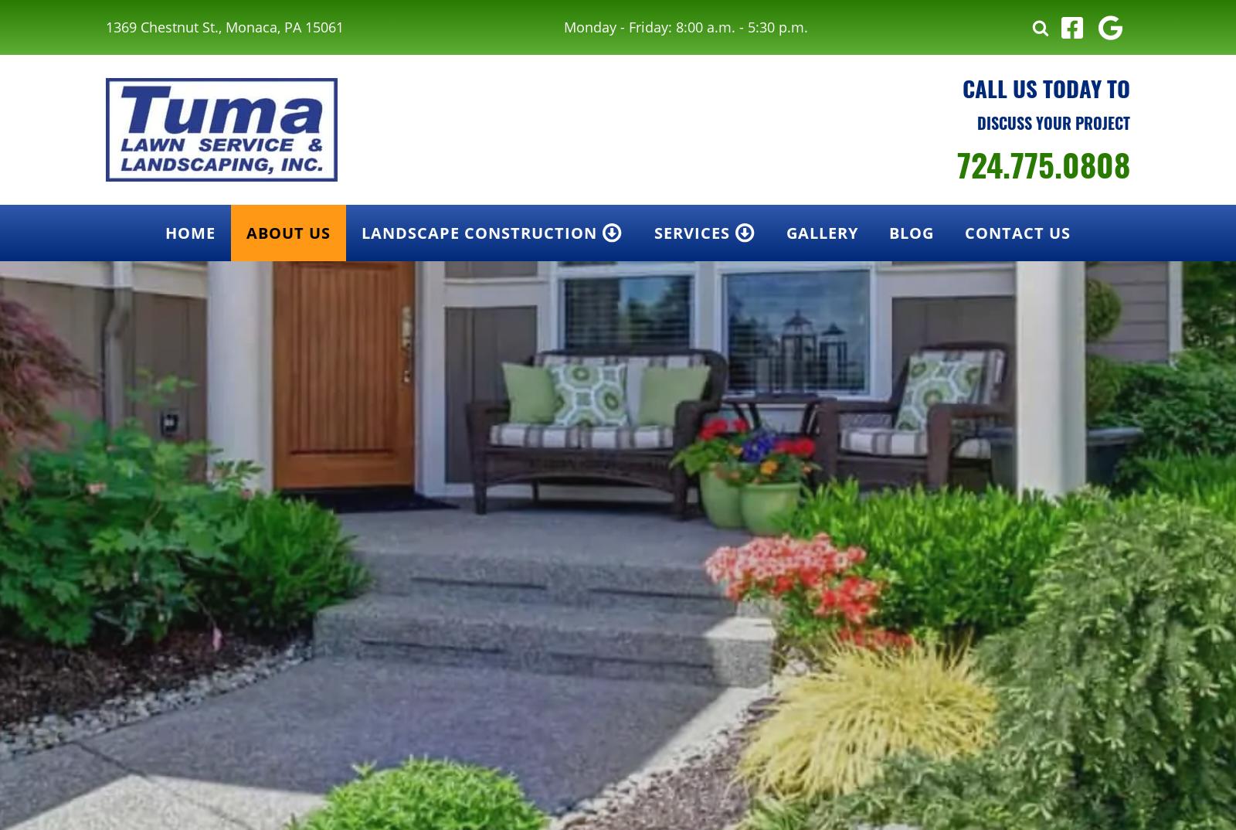  What do you see at coordinates (691, 233) in the screenshot?
I see `'Services'` at bounding box center [691, 233].